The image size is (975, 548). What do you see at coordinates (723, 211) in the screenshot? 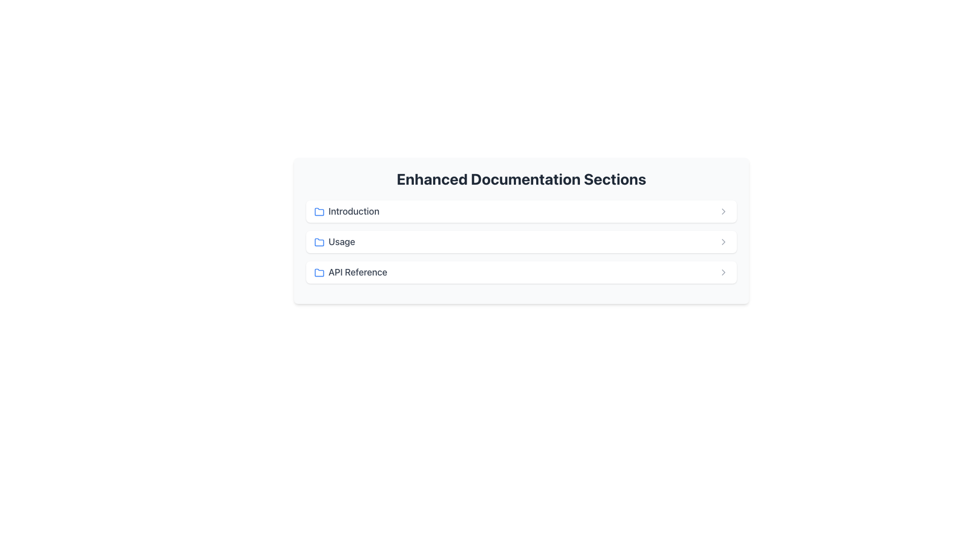
I see `the chevron icon located at the rightmost part of the 'Introduction' section` at bounding box center [723, 211].